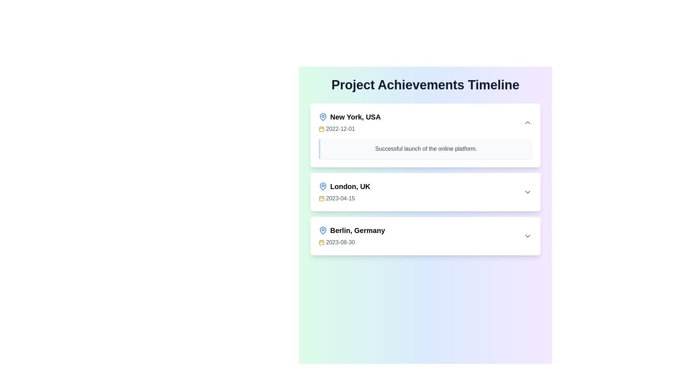 The image size is (681, 383). I want to click on the small yellow calendar icon located to the left of the date '2022-12-01' in the achievement entry titled 'New York, USA', so click(321, 129).